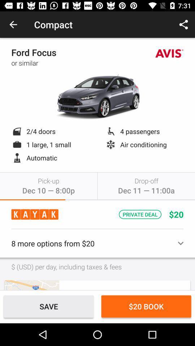 This screenshot has width=195, height=346. What do you see at coordinates (31, 285) in the screenshot?
I see `use map` at bounding box center [31, 285].